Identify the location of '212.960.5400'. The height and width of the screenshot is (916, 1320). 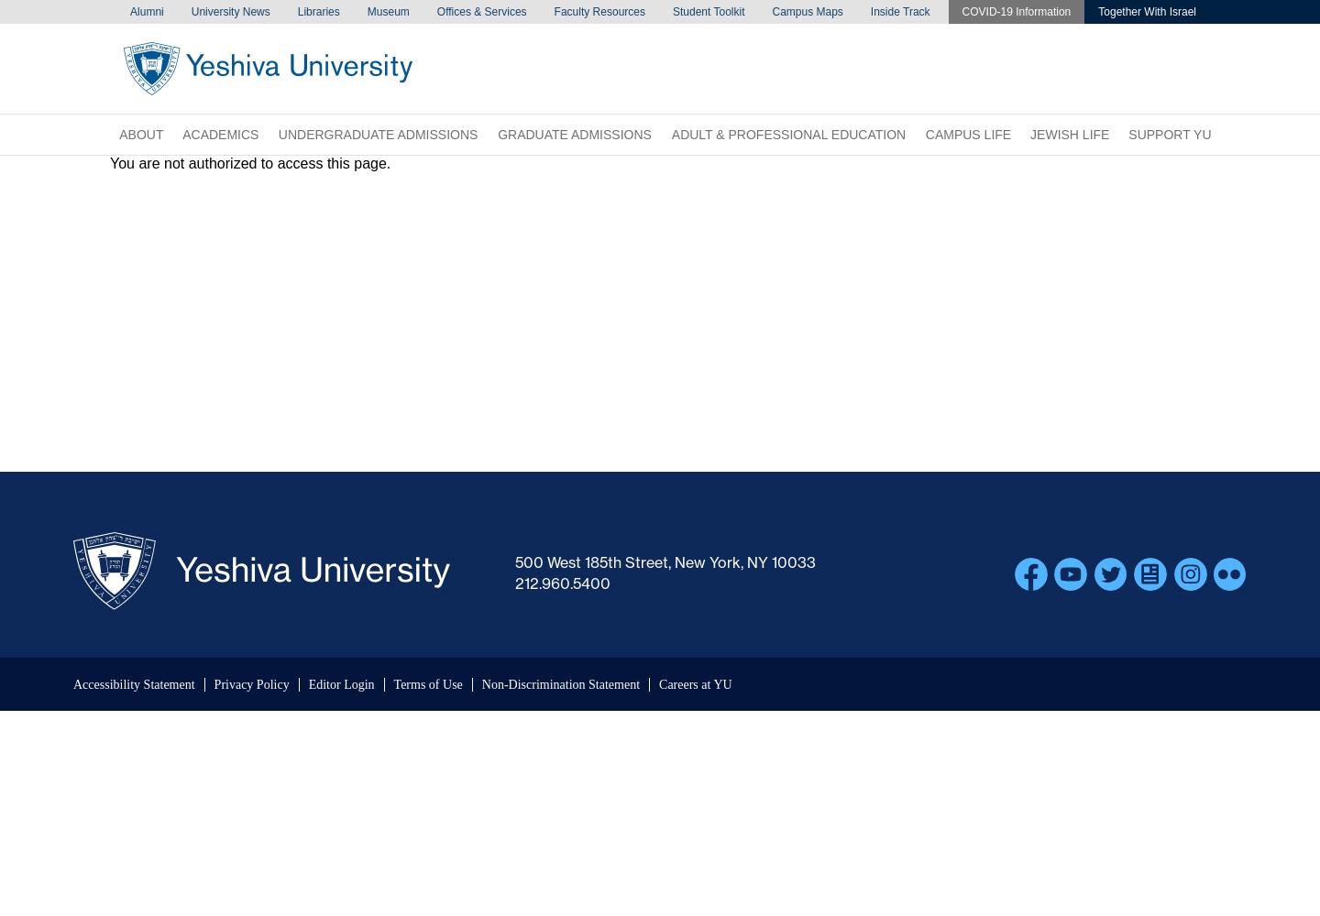
(562, 583).